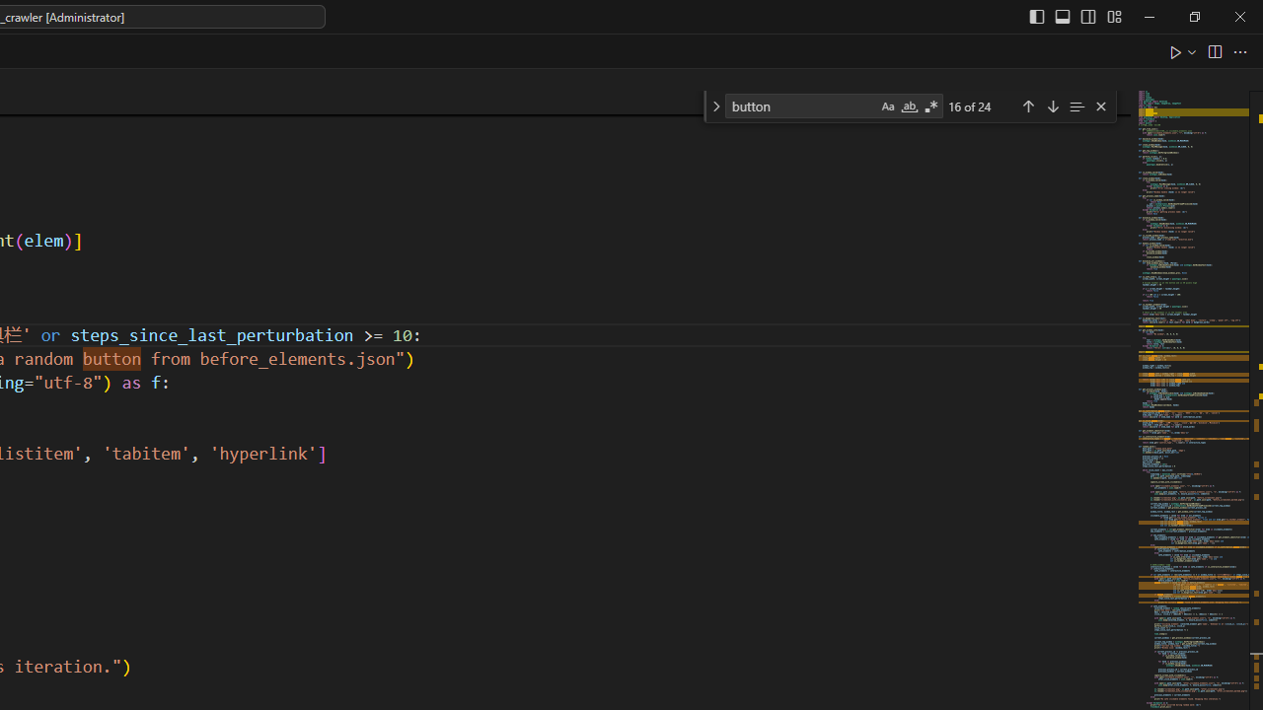 This screenshot has height=710, width=1263. What do you see at coordinates (1238, 50) in the screenshot?
I see `'More Actions...'` at bounding box center [1238, 50].